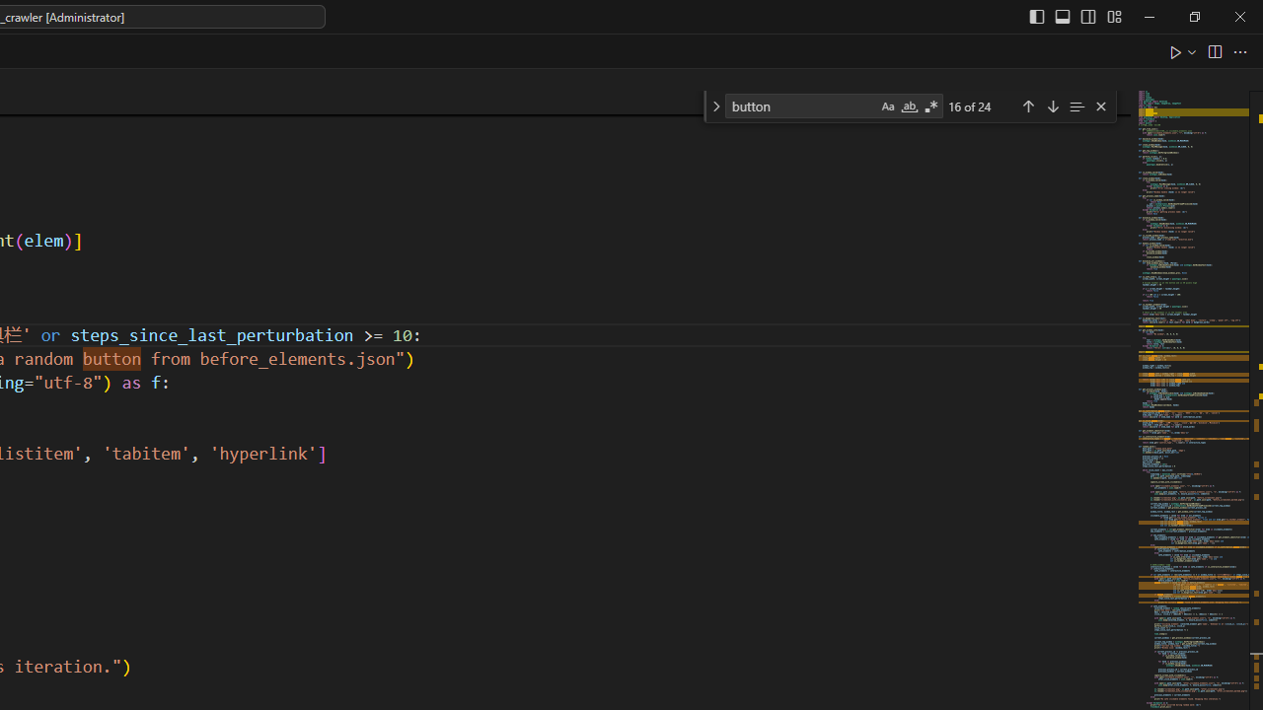 This screenshot has height=710, width=1263. What do you see at coordinates (1238, 50) in the screenshot?
I see `'More Actions...'` at bounding box center [1238, 50].